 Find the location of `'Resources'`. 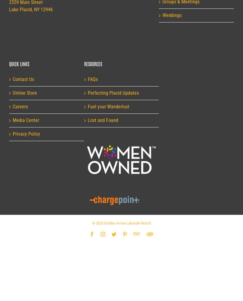

'Resources' is located at coordinates (92, 64).